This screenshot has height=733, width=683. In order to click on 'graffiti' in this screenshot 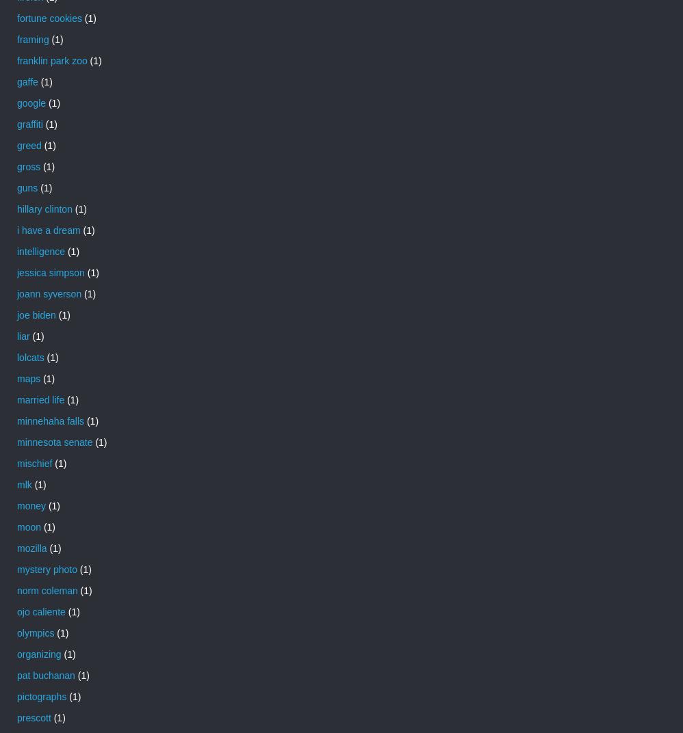, I will do `click(17, 122)`.